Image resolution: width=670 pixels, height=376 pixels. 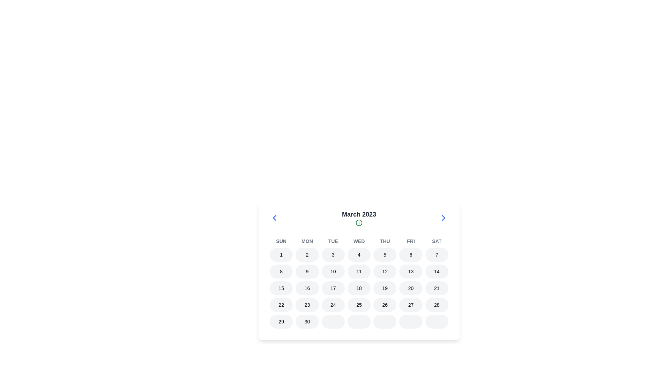 What do you see at coordinates (359, 223) in the screenshot?
I see `the informational icon located beneath the 'March 2023' title` at bounding box center [359, 223].